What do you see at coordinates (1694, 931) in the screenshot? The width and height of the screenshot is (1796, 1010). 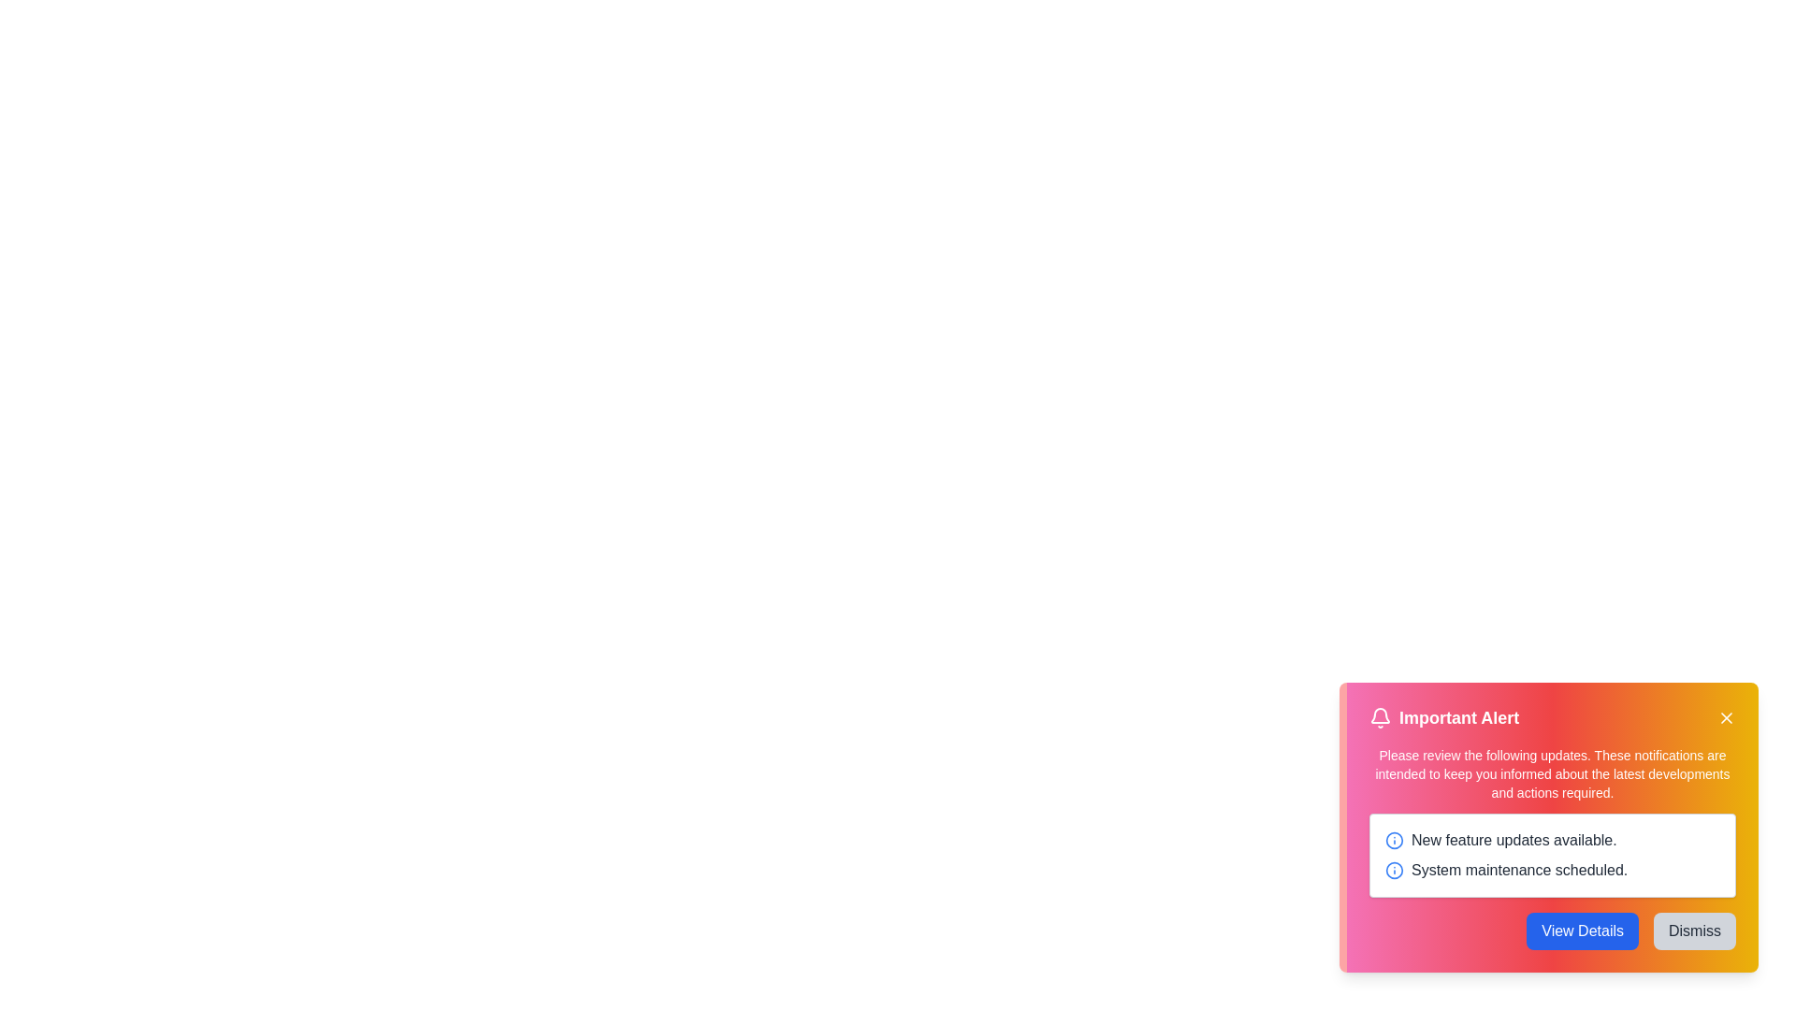 I see `the 'Dismiss' button to close the alert box` at bounding box center [1694, 931].